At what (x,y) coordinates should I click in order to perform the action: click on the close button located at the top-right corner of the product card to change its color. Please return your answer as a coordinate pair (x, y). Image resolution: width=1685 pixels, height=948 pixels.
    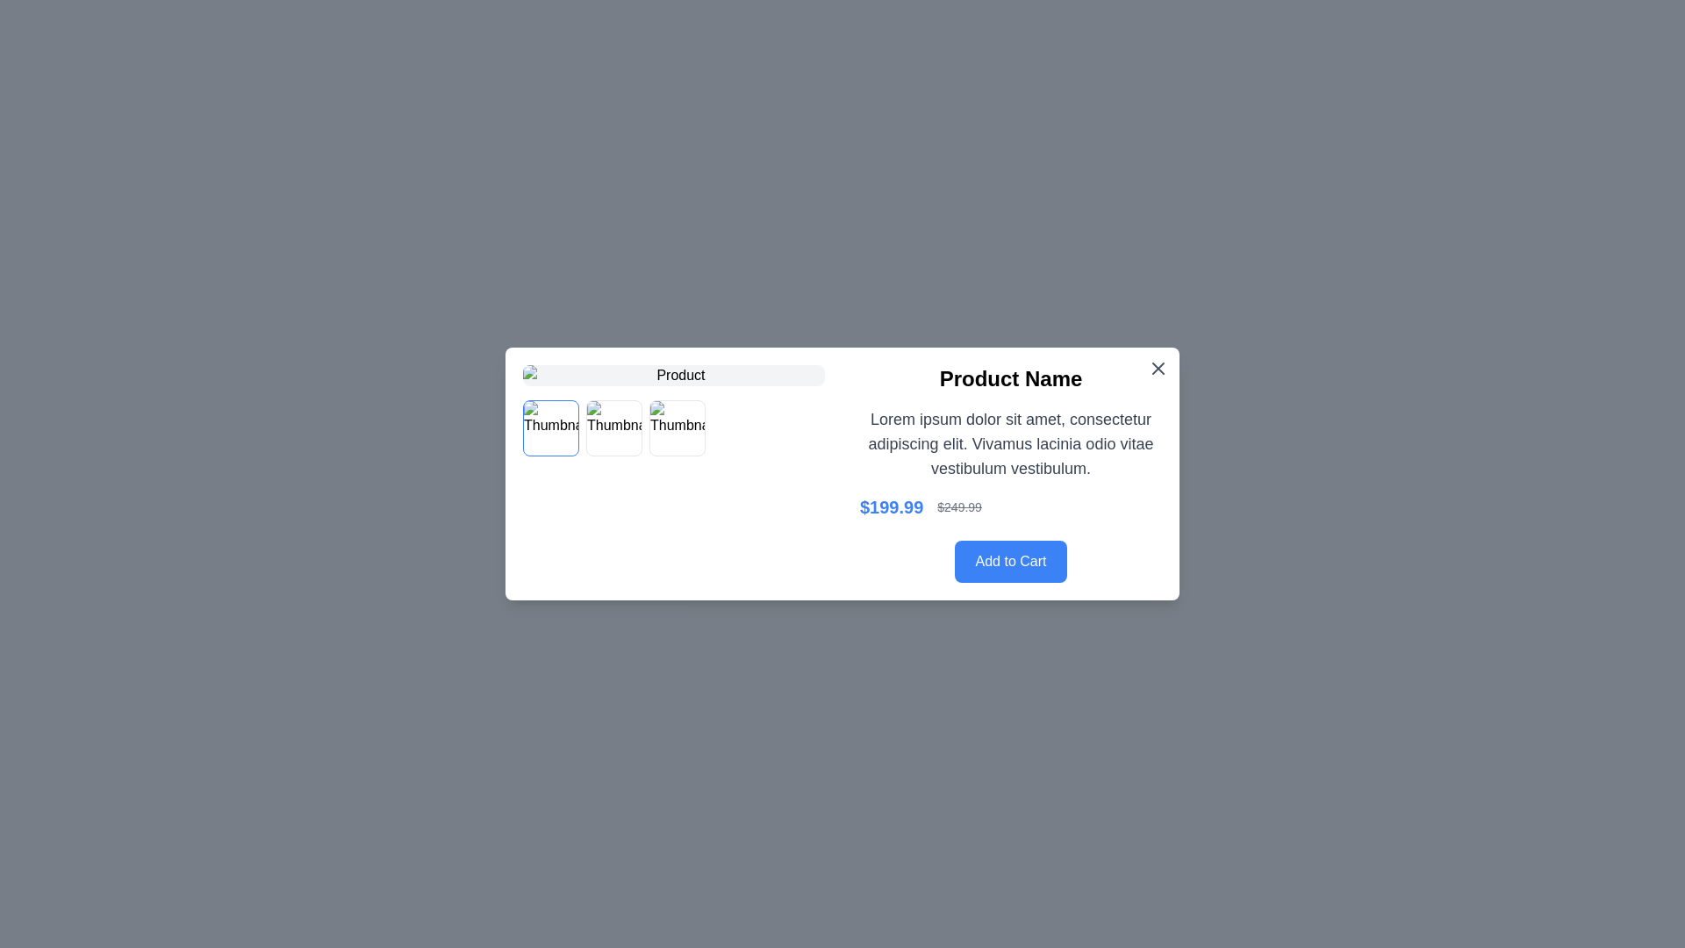
    Looking at the image, I should click on (1158, 368).